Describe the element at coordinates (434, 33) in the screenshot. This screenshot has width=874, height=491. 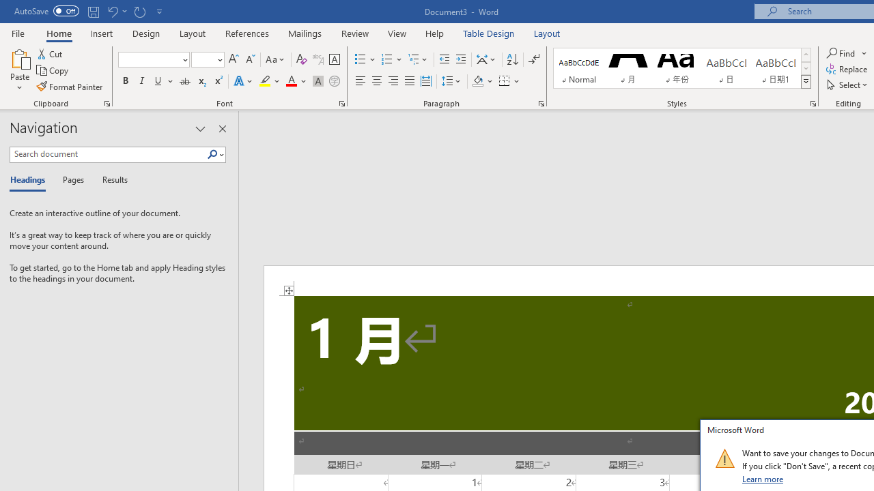
I see `'Help'` at that location.